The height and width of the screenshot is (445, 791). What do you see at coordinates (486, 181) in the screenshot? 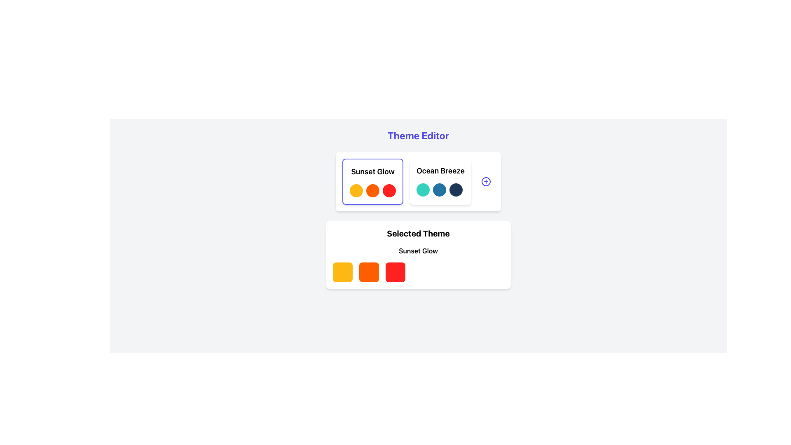
I see `the circular outline icon located within the 'Ocean Breeze' card at the top of the user interface` at bounding box center [486, 181].